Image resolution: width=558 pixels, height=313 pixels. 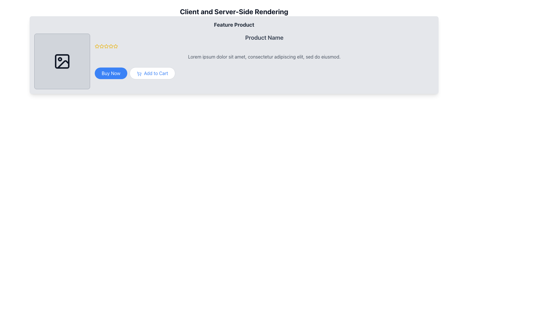 I want to click on the shopping cart icon located inside the 'Add to Cart' button, so click(x=139, y=73).